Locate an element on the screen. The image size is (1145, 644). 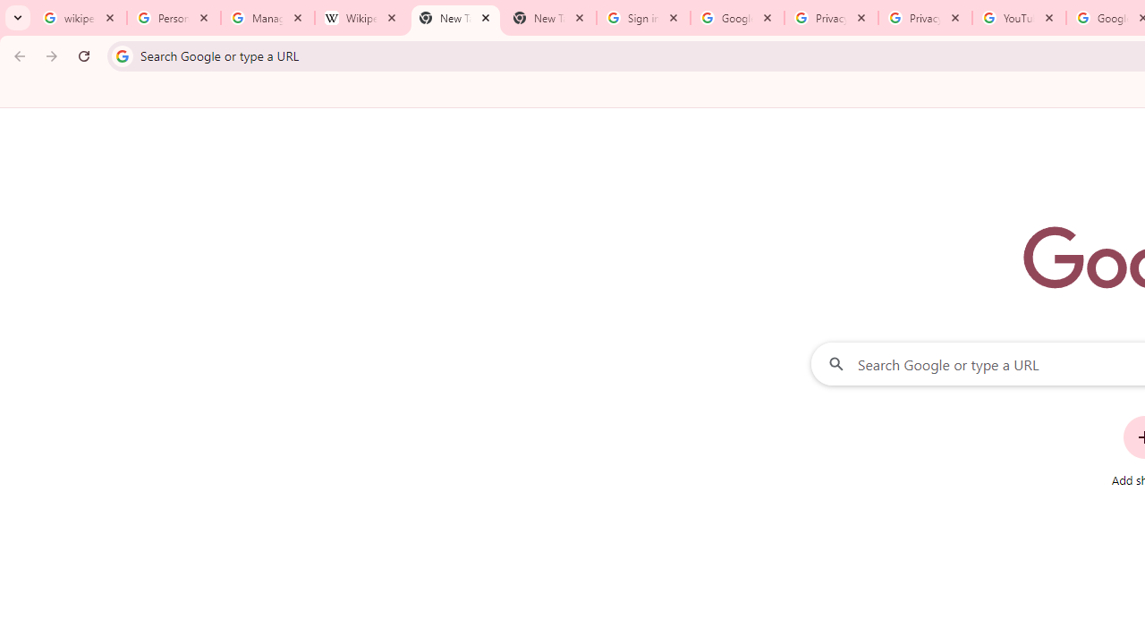
'New Tab' is located at coordinates (455, 18).